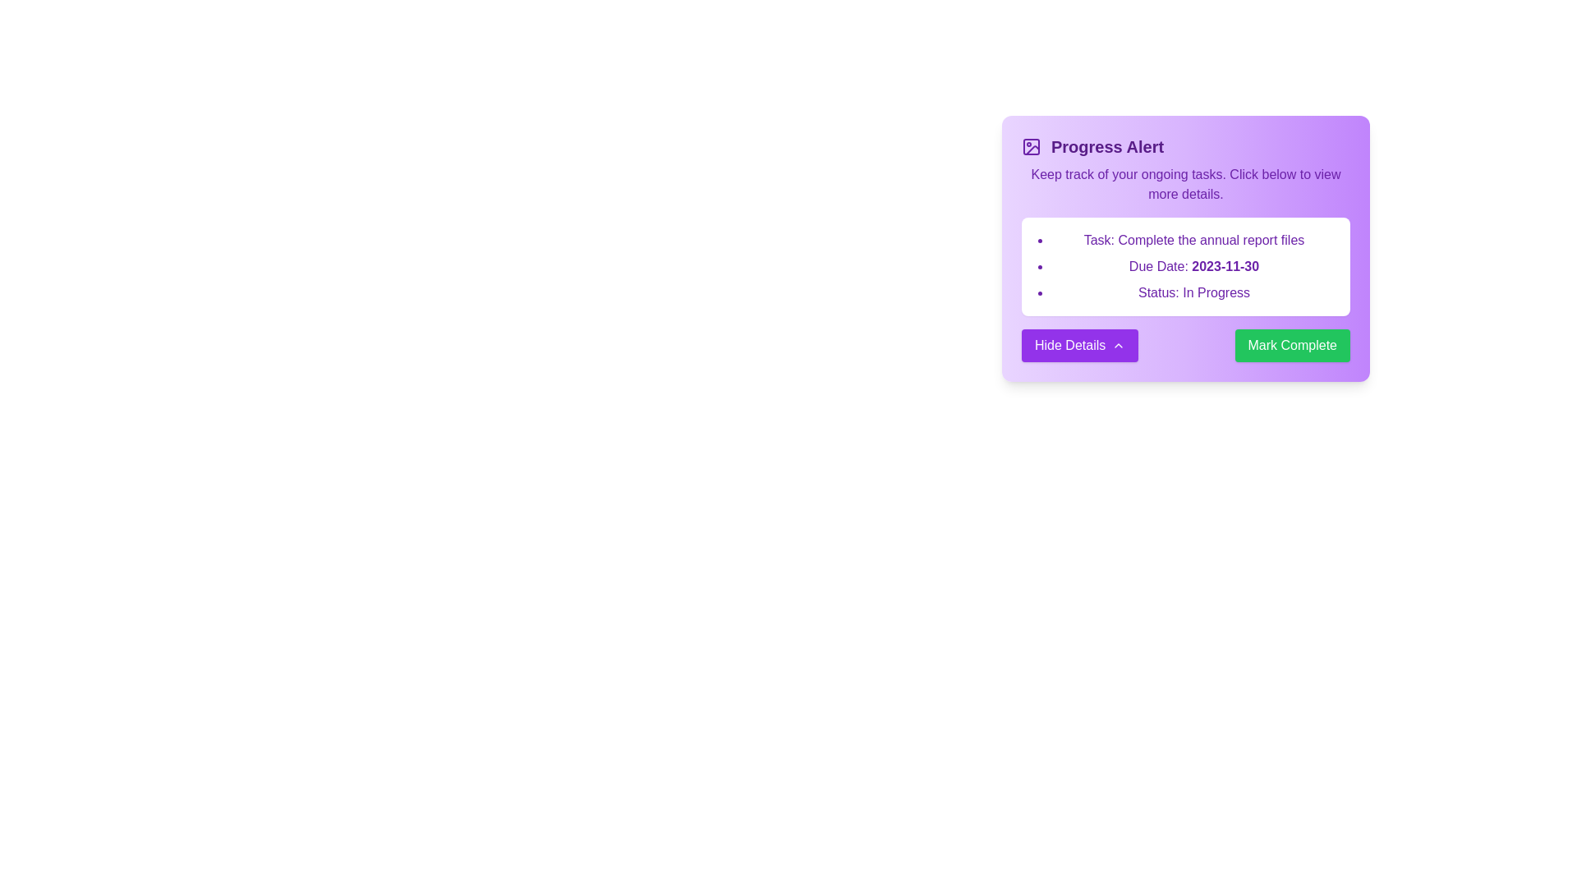 This screenshot has height=887, width=1577. Describe the element at coordinates (1080, 344) in the screenshot. I see `the 'Hide Details' button to collapse the details section` at that location.